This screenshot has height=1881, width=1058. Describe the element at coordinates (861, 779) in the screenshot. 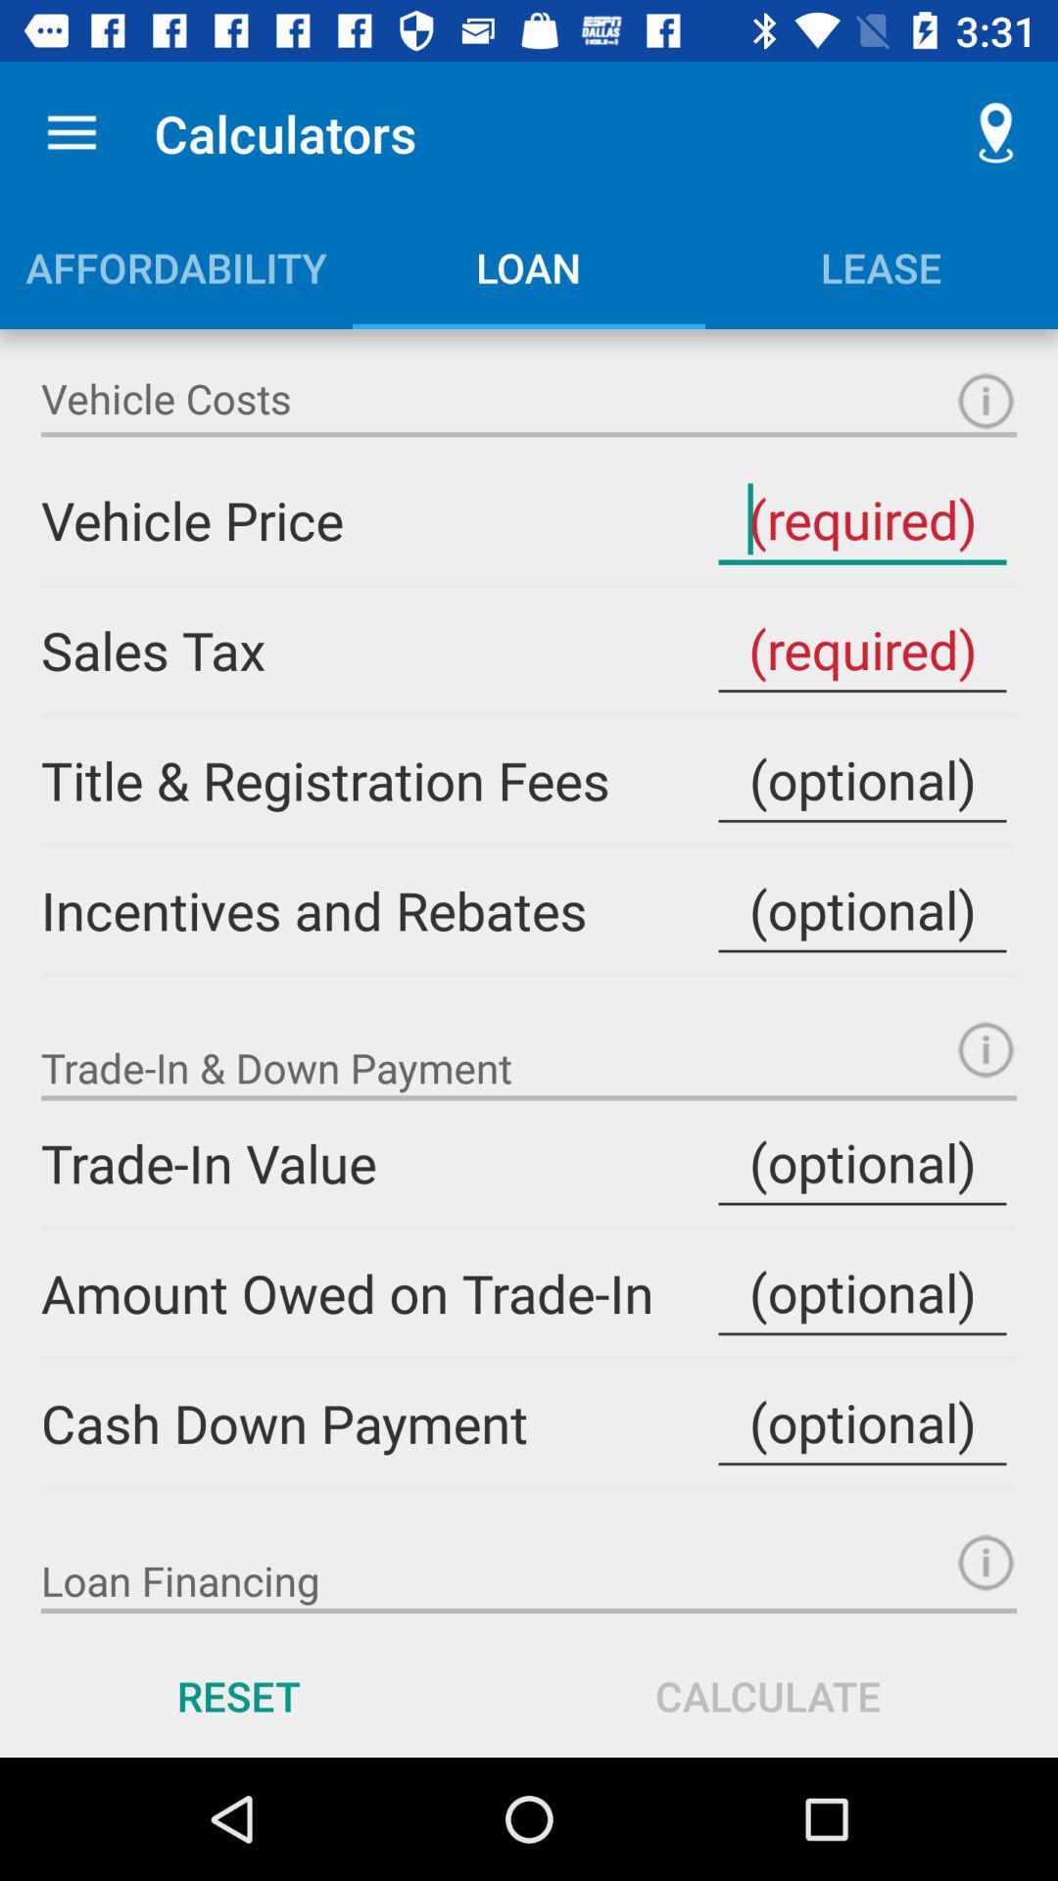

I see `activate textbox` at that location.